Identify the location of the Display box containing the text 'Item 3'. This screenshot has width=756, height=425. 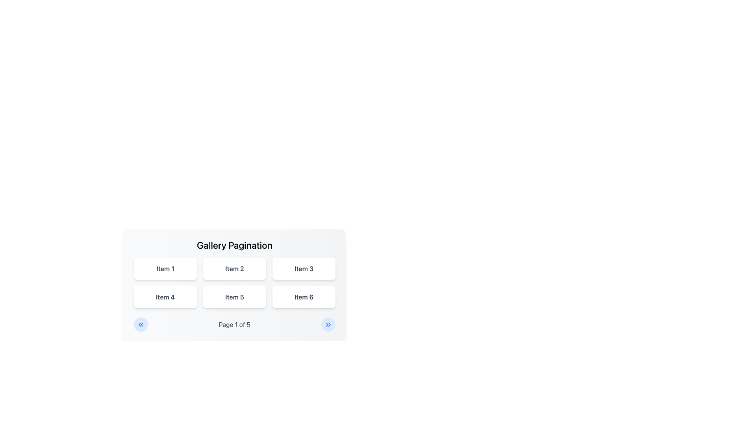
(304, 268).